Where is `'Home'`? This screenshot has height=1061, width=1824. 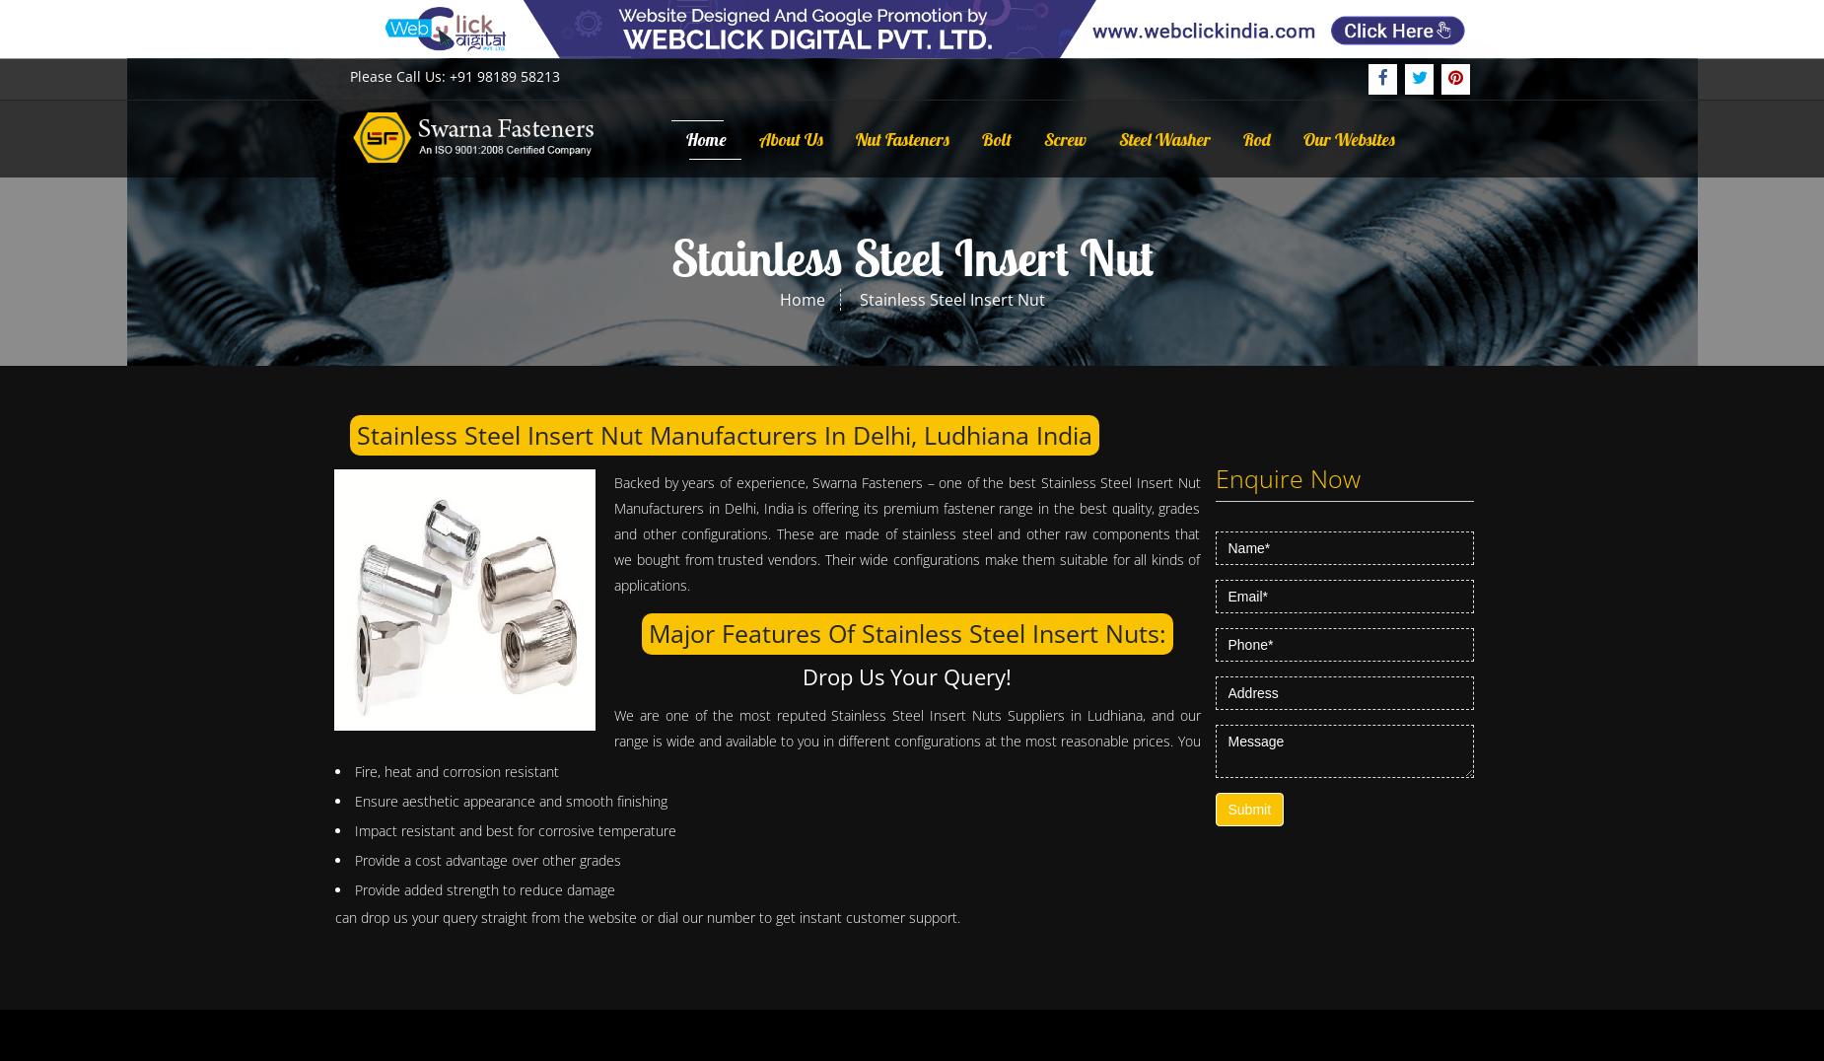
'Home' is located at coordinates (778, 298).